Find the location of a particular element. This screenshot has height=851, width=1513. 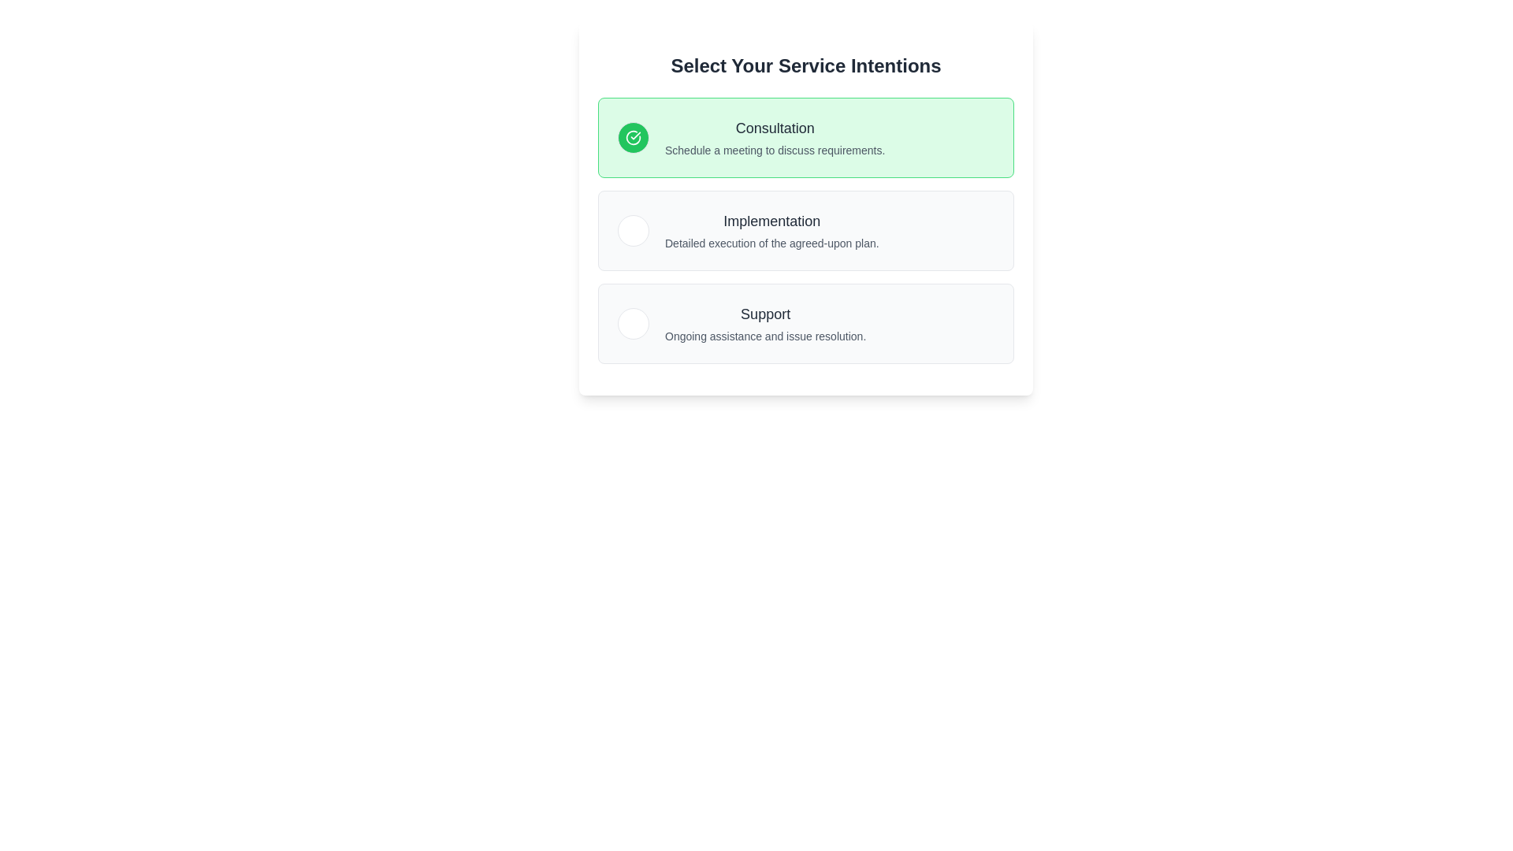

the button that confirms or selects the 'Consultation' option, located to the left of the 'Consultation' section is located at coordinates (634, 136).